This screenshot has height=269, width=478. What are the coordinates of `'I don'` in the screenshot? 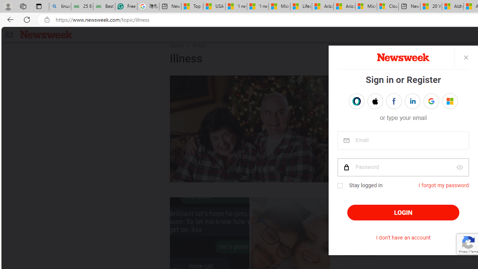 It's located at (403, 238).